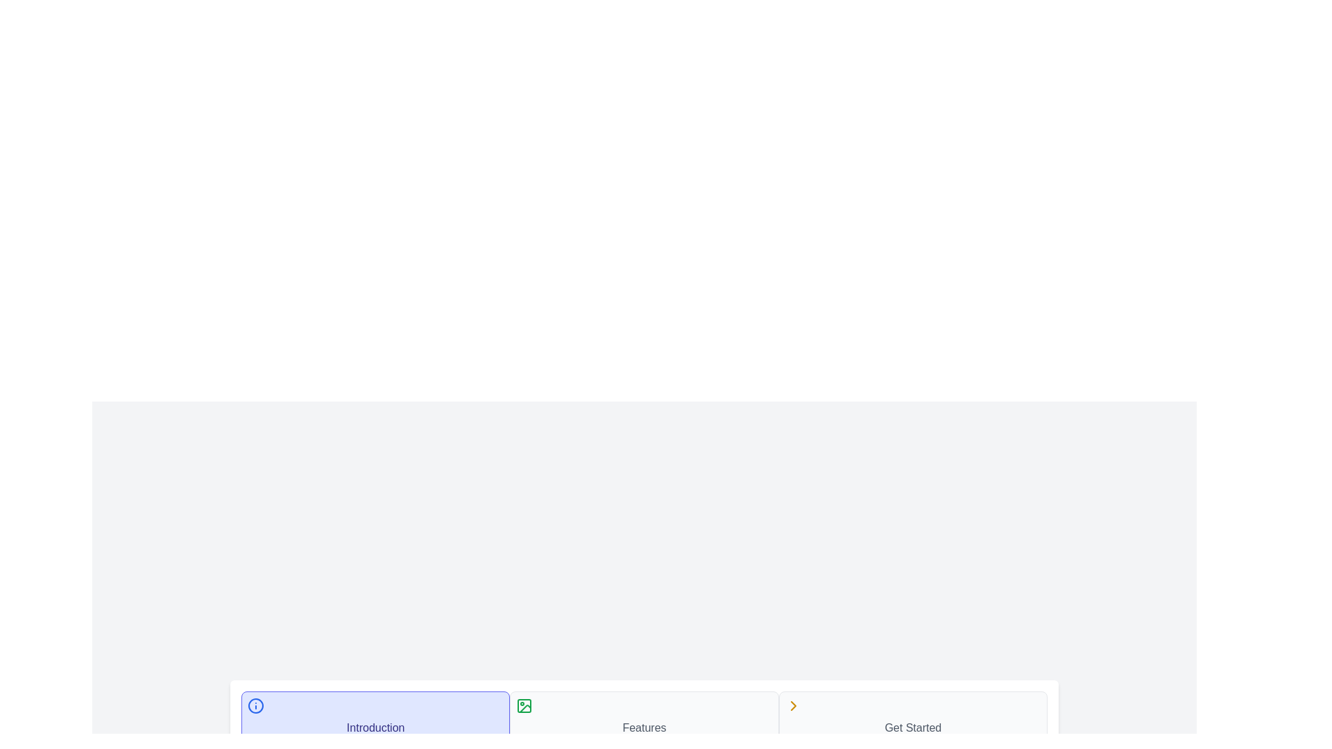 The height and width of the screenshot is (749, 1332). I want to click on the step labeled Features to focus on it, so click(643, 716).